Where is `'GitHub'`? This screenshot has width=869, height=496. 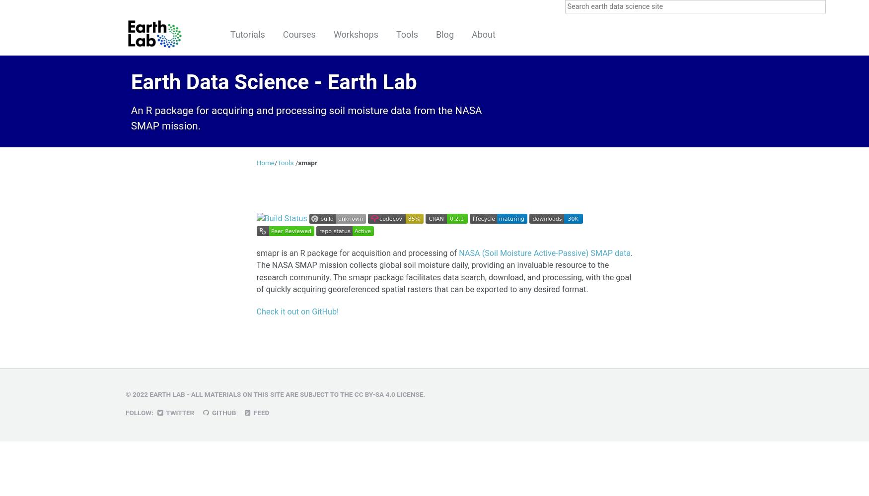
'GitHub' is located at coordinates (223, 412).